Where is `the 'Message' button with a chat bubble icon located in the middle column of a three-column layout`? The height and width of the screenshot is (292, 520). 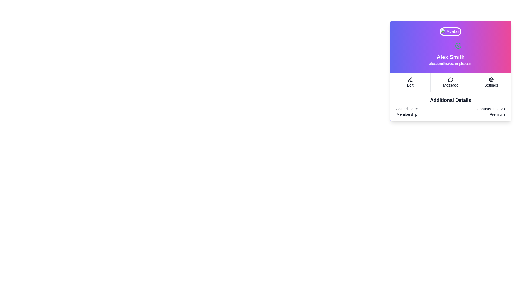
the 'Message' button with a chat bubble icon located in the middle column of a three-column layout is located at coordinates (451, 82).